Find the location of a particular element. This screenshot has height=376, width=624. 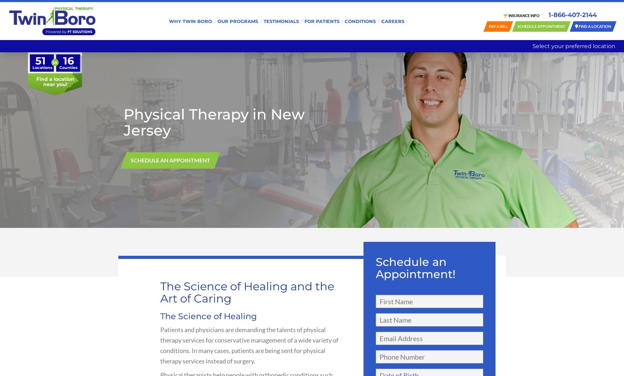

'Our Programs' is located at coordinates (237, 20).